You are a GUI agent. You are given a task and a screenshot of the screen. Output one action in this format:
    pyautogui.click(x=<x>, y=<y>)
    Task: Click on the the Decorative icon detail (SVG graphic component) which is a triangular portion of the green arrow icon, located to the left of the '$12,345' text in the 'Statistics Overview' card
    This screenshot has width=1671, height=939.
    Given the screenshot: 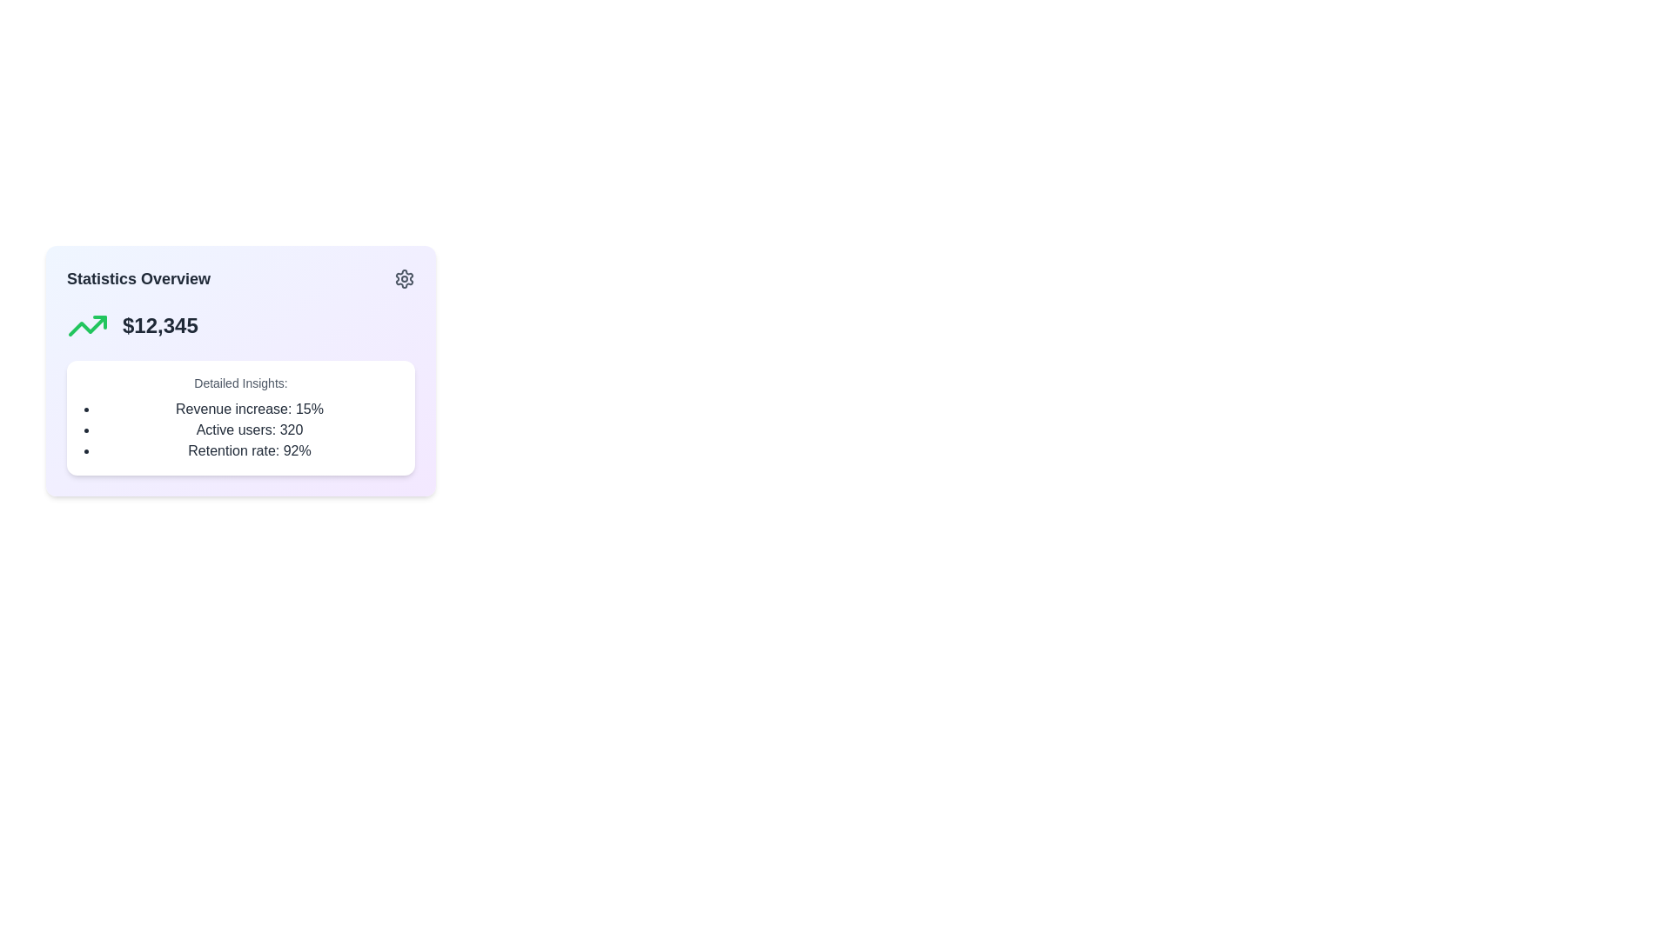 What is the action you would take?
    pyautogui.click(x=99, y=322)
    